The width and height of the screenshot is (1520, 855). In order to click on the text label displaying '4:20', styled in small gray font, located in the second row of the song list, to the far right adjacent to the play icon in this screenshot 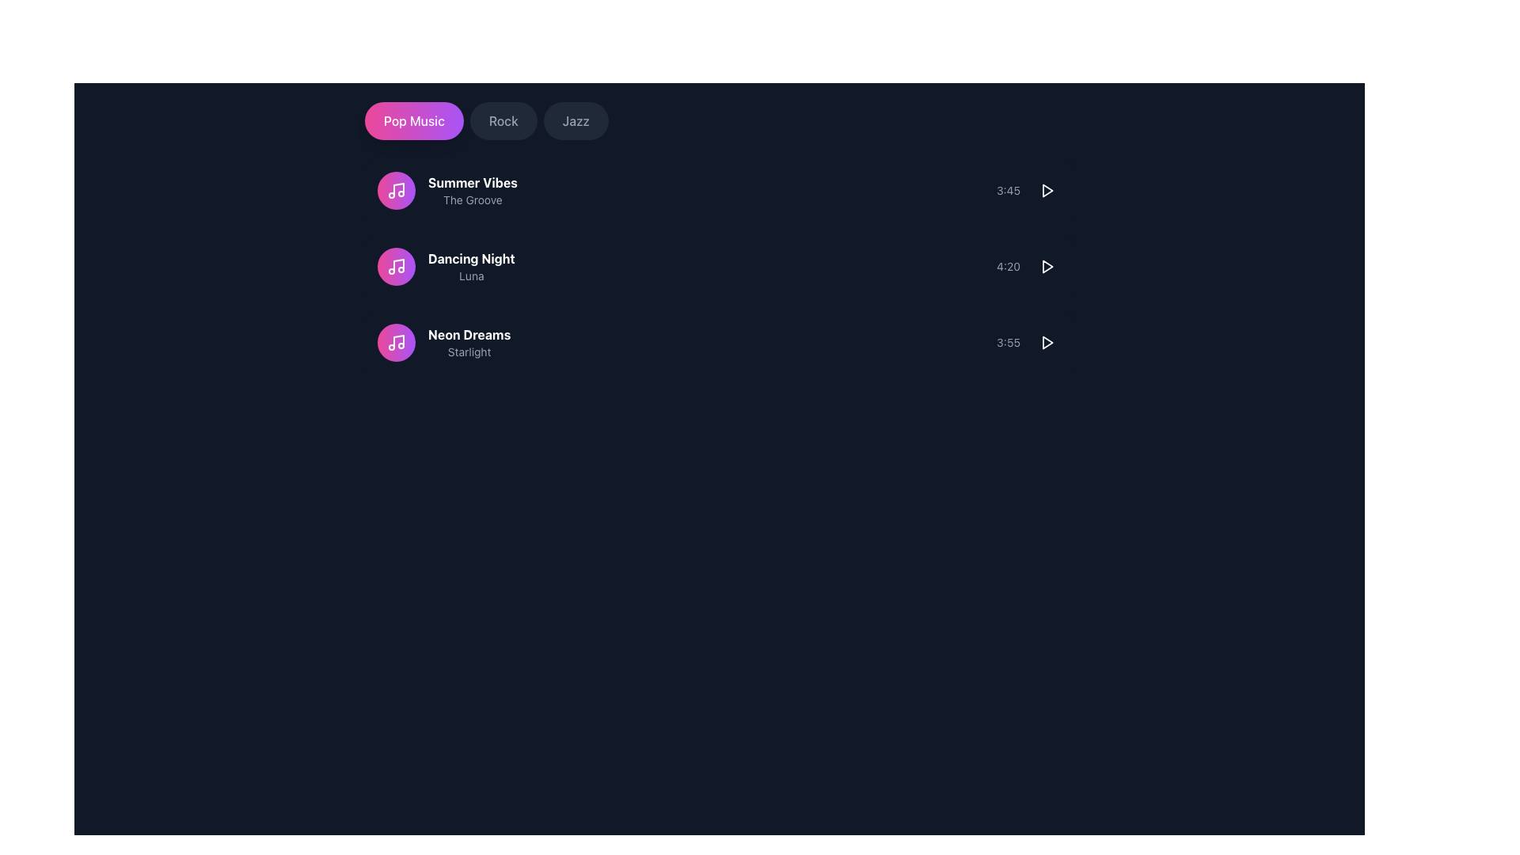, I will do `click(1008, 265)`.